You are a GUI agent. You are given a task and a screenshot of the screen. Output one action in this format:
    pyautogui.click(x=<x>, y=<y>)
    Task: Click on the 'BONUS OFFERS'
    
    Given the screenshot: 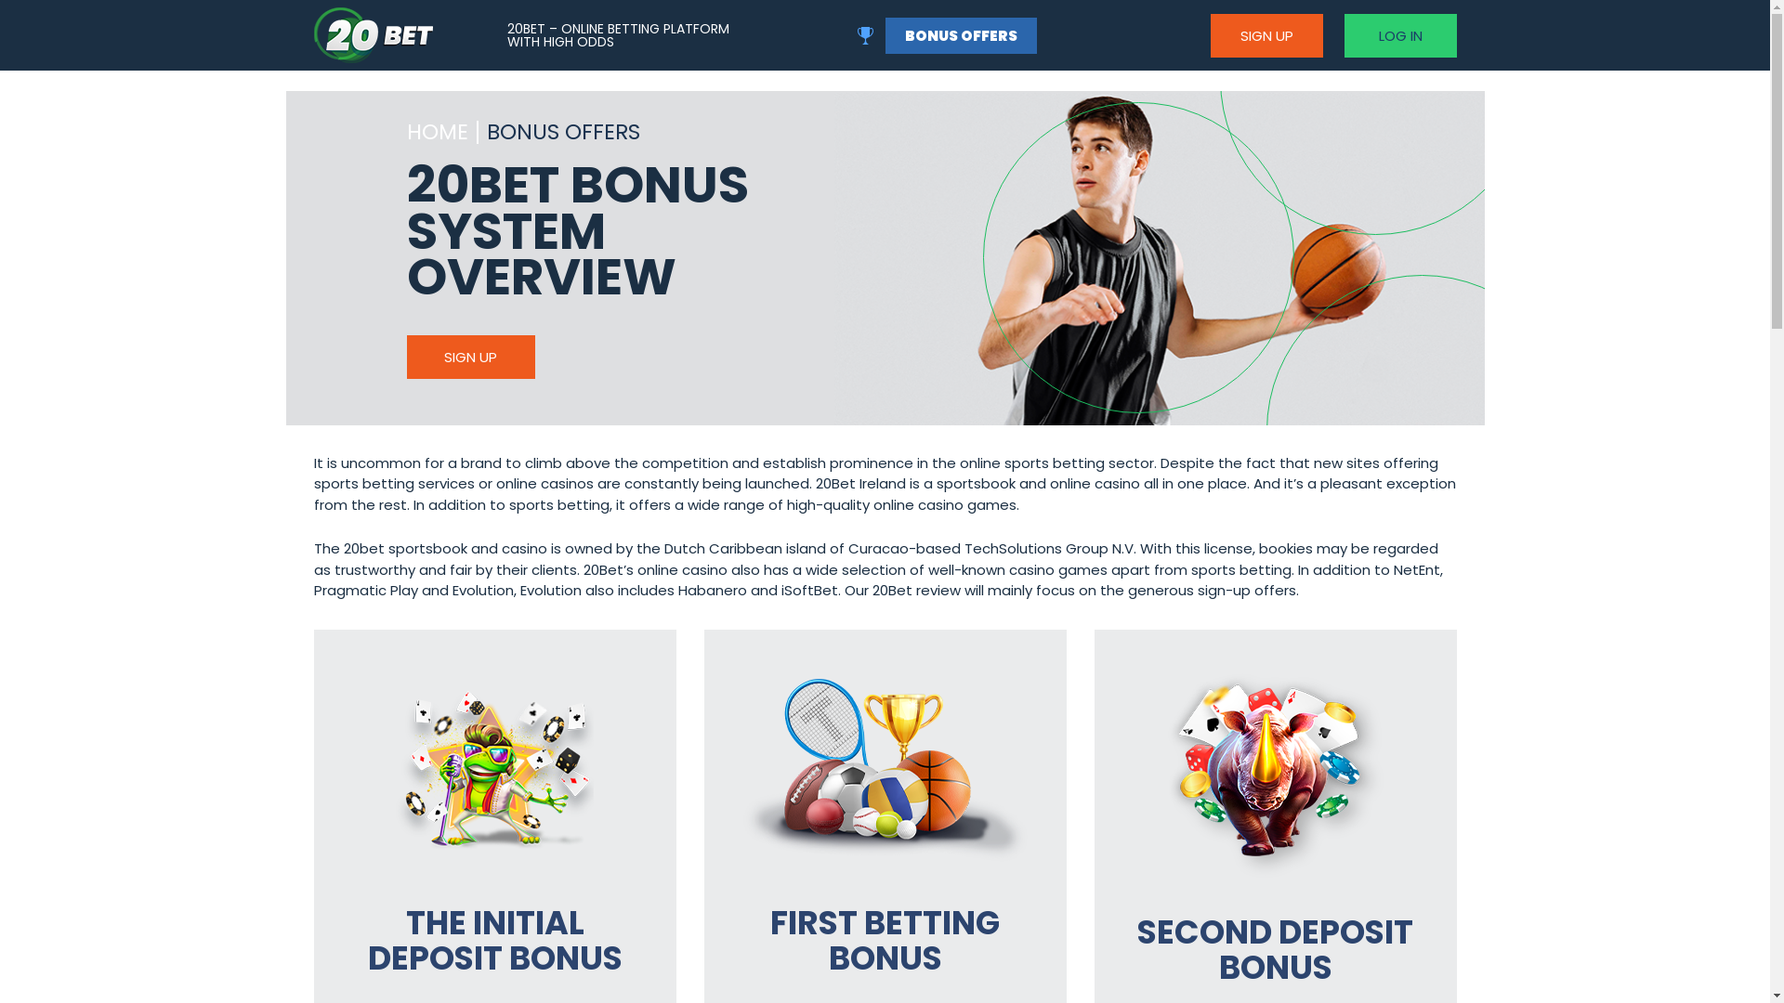 What is the action you would take?
    pyautogui.click(x=960, y=34)
    